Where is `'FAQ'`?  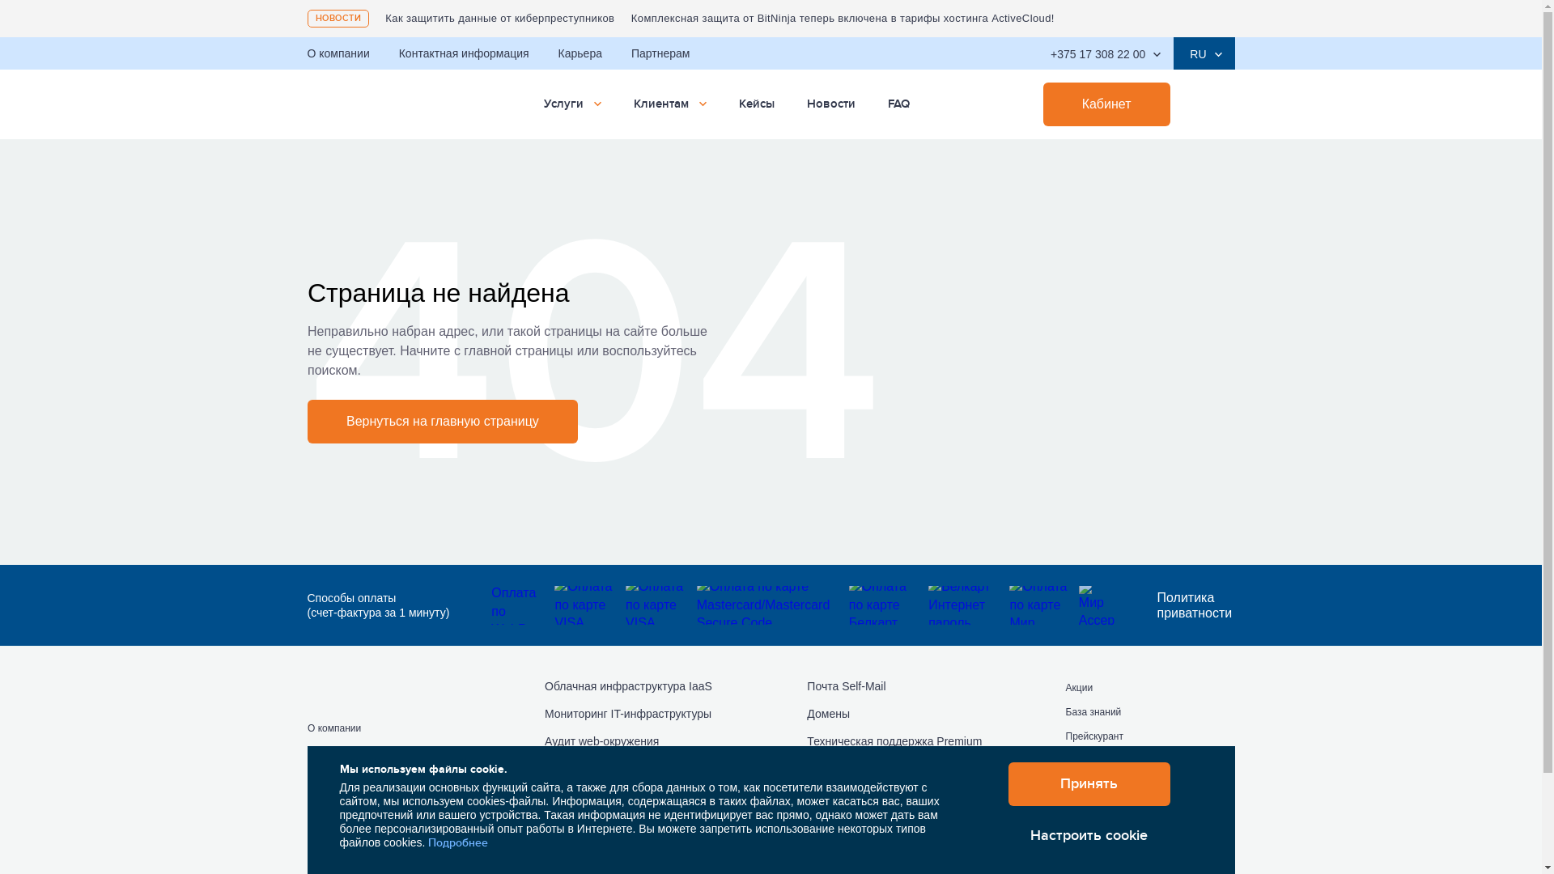 'FAQ' is located at coordinates (897, 104).